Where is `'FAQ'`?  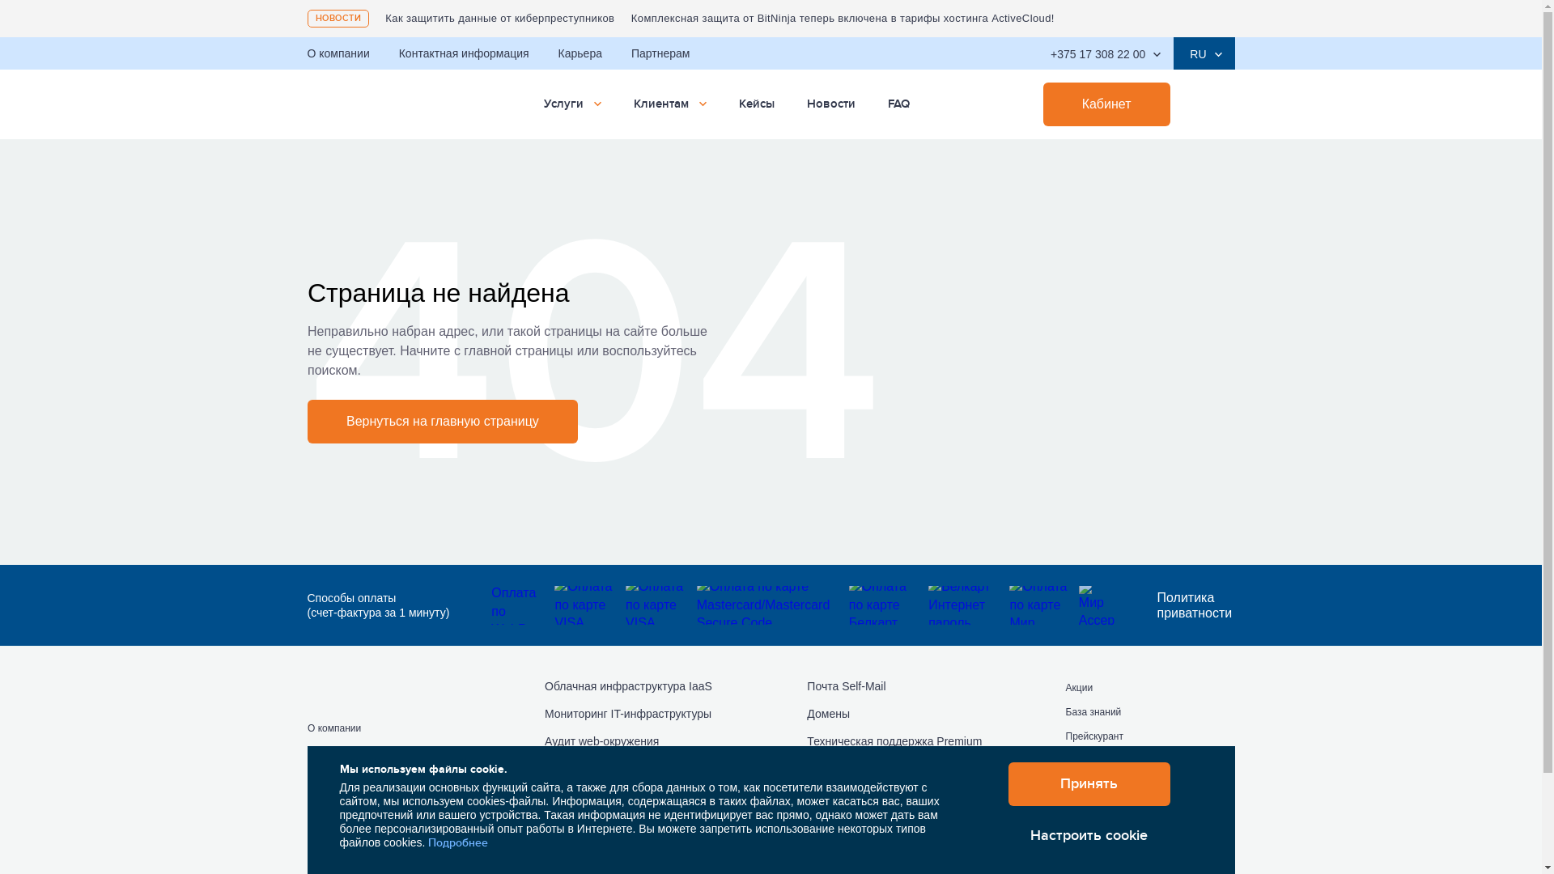 'FAQ' is located at coordinates (897, 104).